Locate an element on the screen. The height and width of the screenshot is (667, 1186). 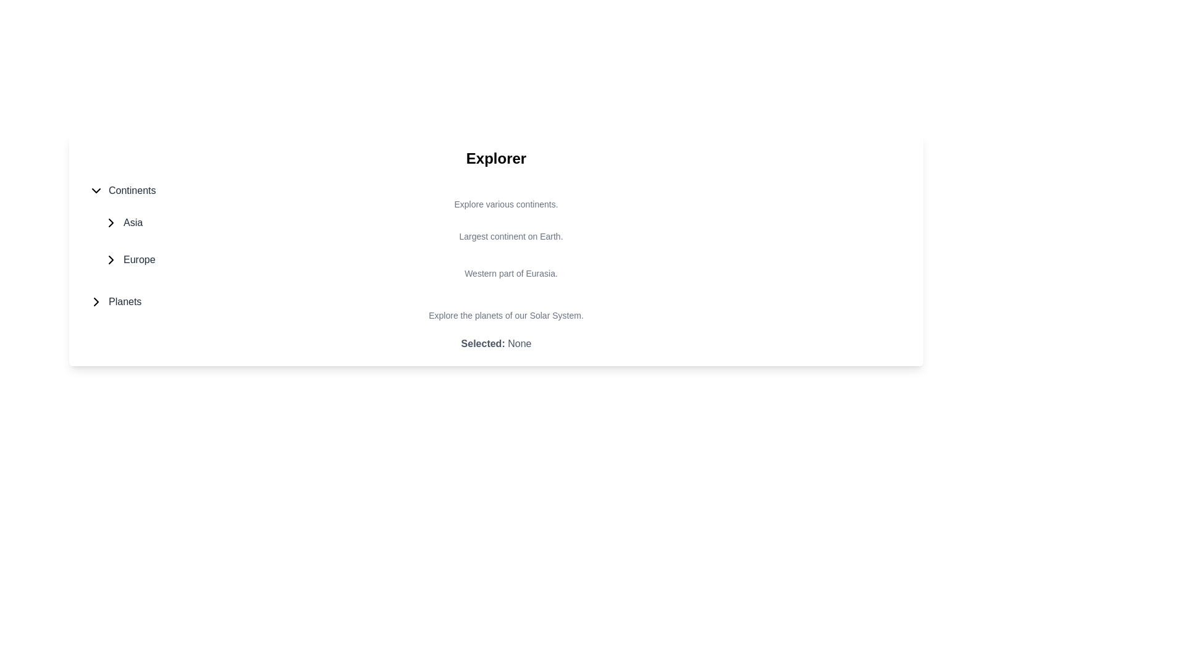
the interactive text label 'Europe' located below the 'Asia' label in the 'Continents' section for further interaction options is located at coordinates (139, 259).